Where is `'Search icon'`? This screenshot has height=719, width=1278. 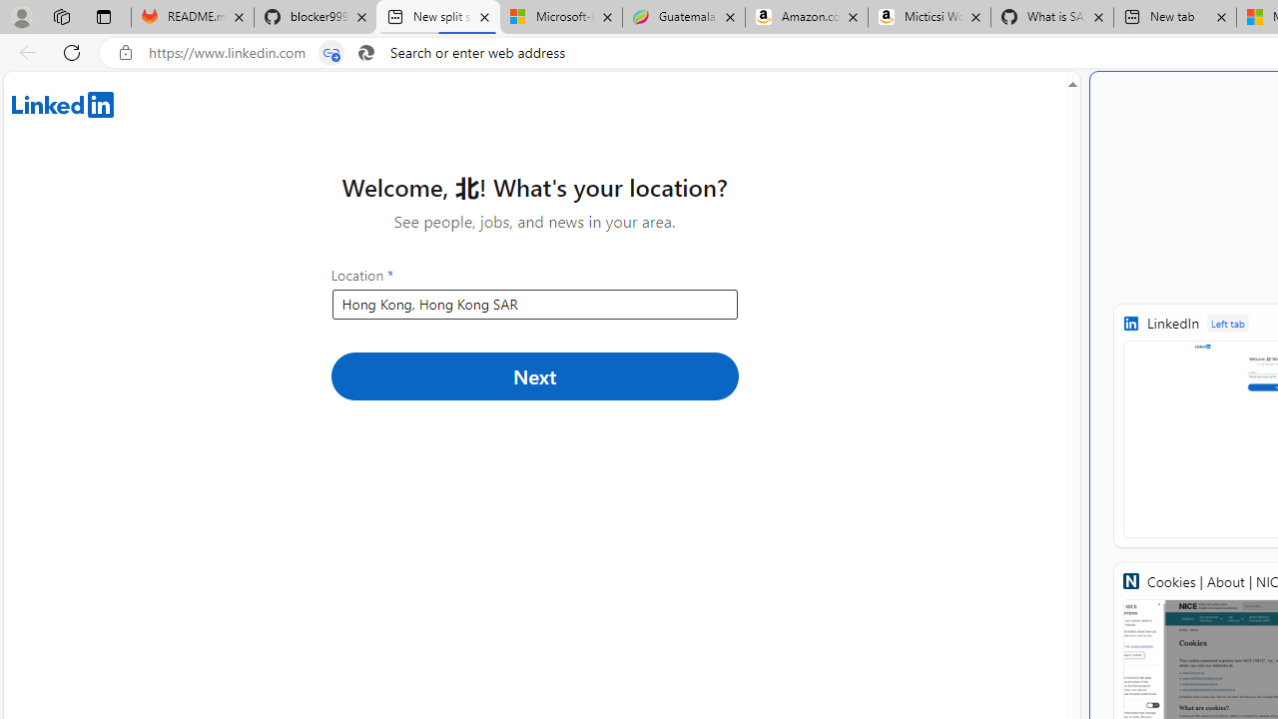
'Search icon' is located at coordinates (365, 52).